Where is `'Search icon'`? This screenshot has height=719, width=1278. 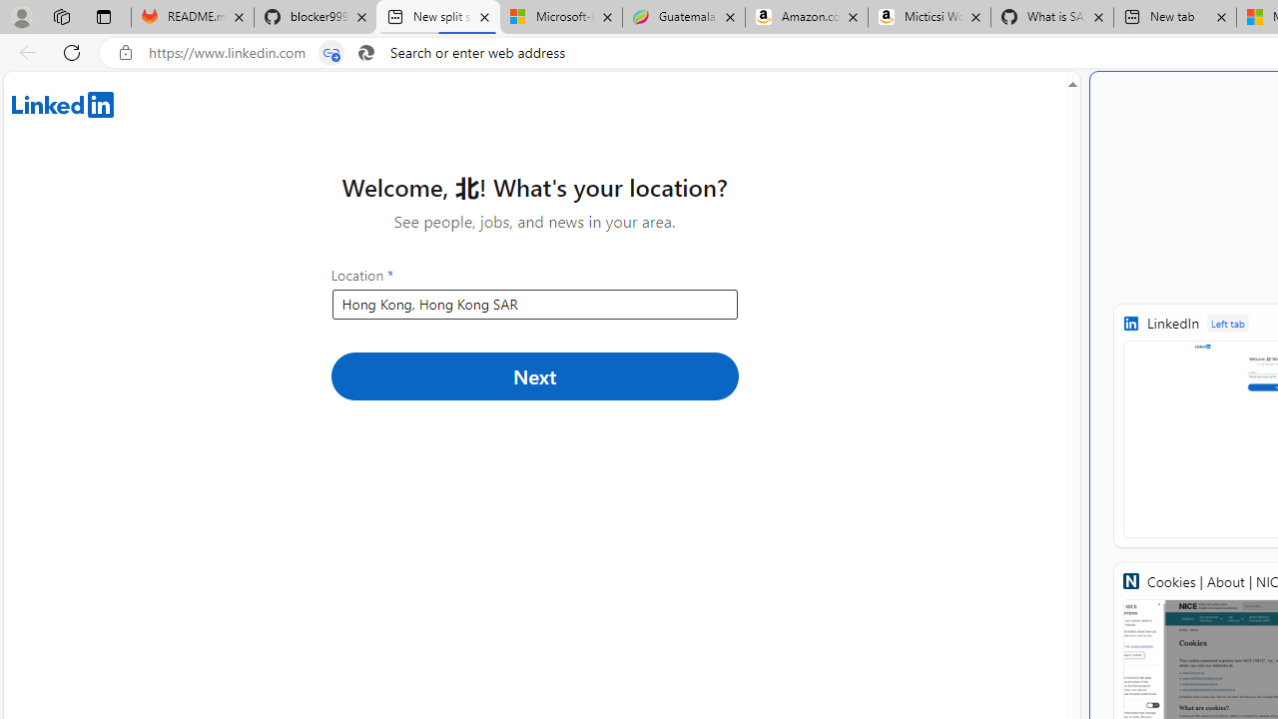
'Search icon' is located at coordinates (365, 52).